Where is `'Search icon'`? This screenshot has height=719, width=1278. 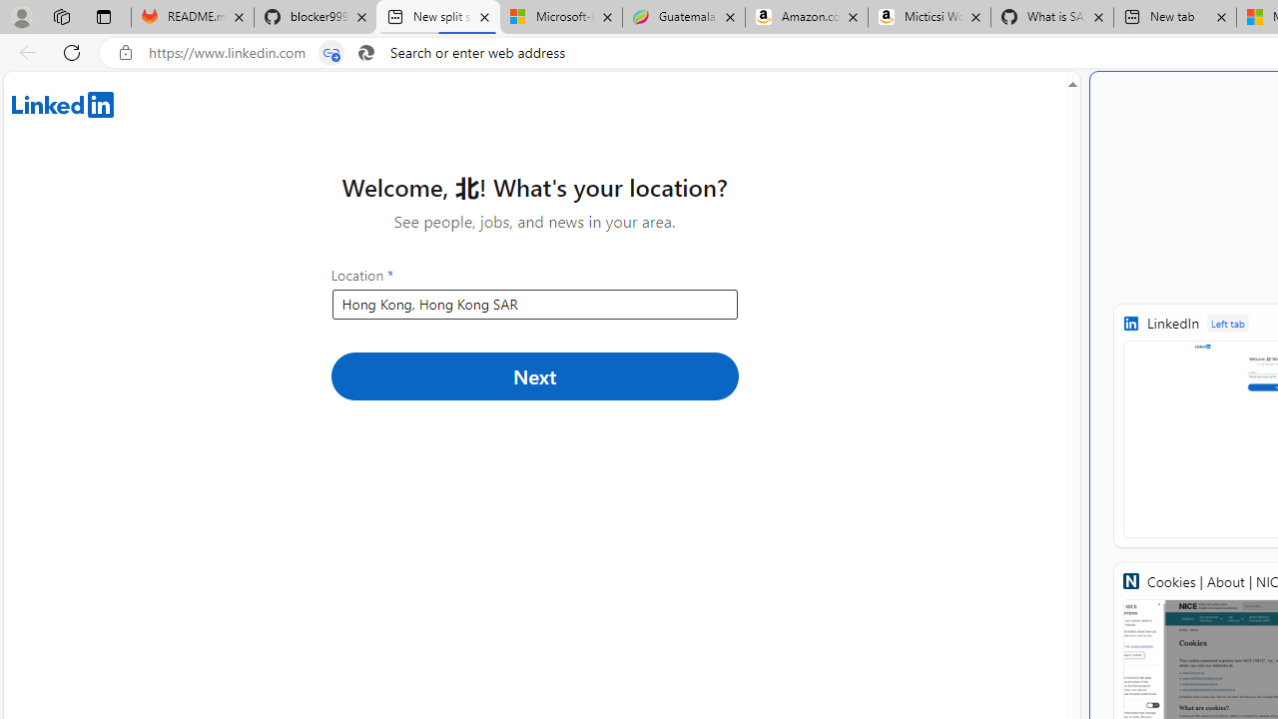
'Search icon' is located at coordinates (365, 52).